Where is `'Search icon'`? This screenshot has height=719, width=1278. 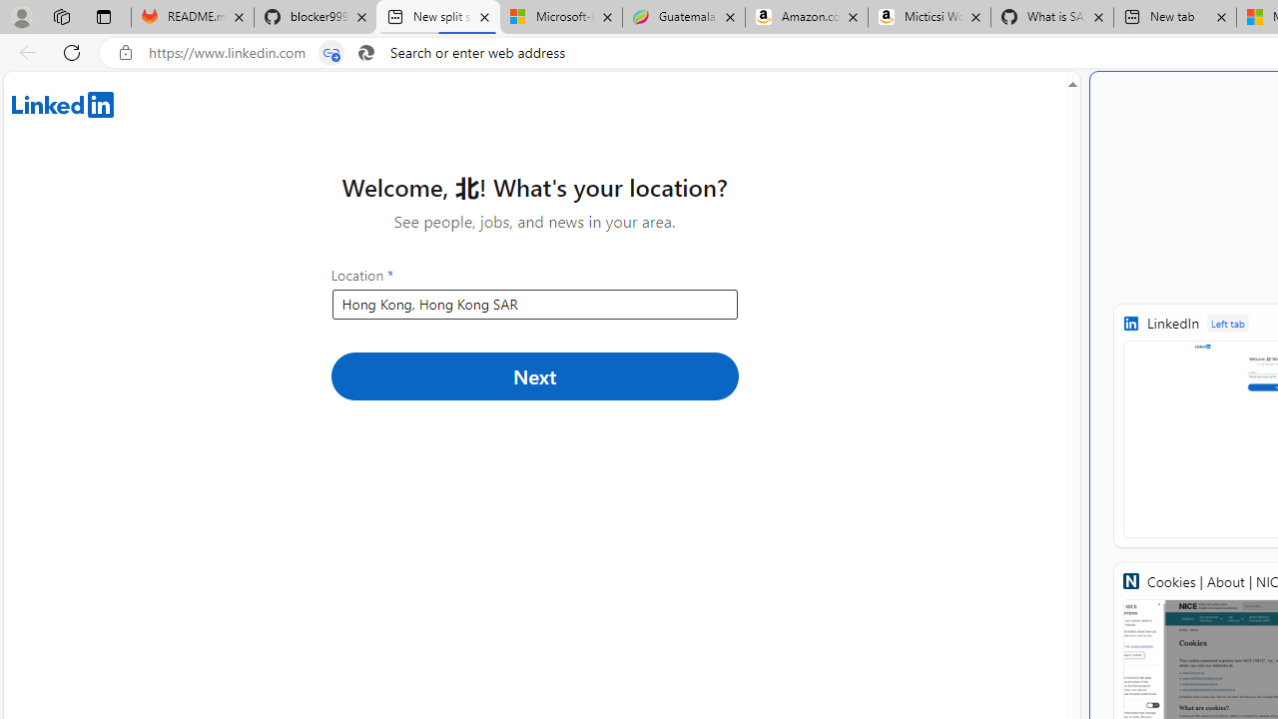
'Search icon' is located at coordinates (365, 52).